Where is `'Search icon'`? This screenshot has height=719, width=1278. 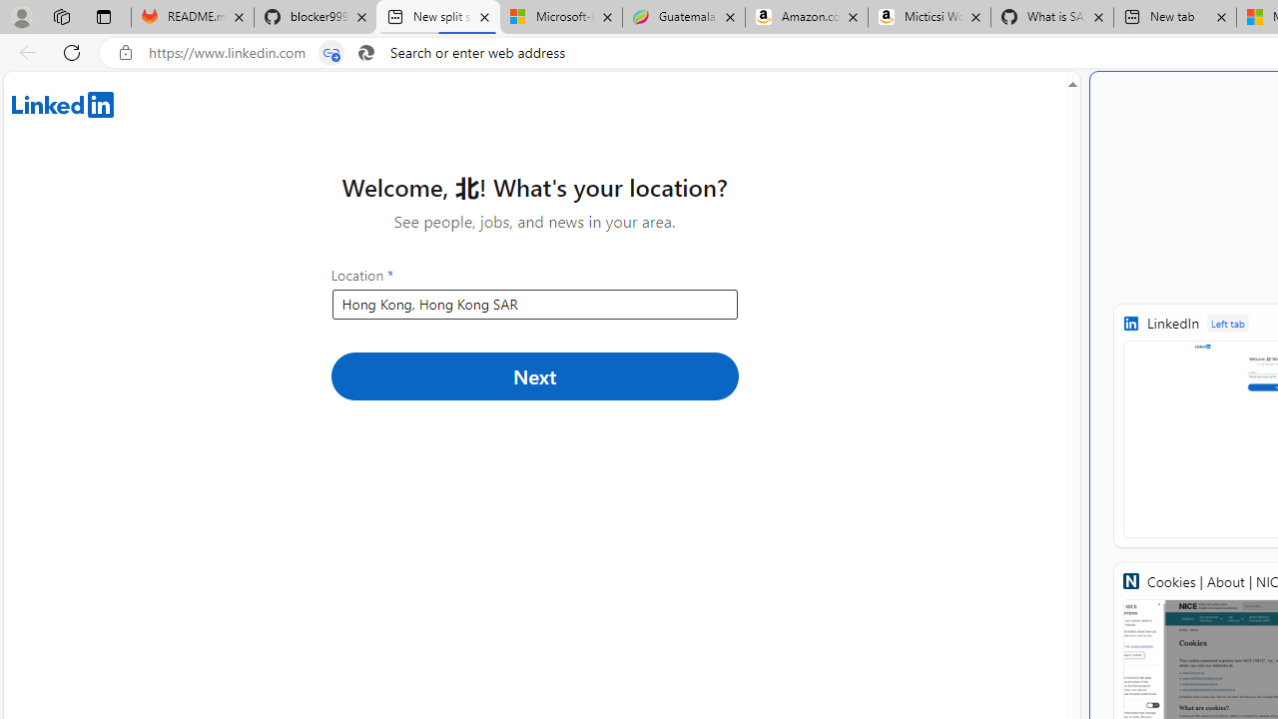
'Search icon' is located at coordinates (365, 52).